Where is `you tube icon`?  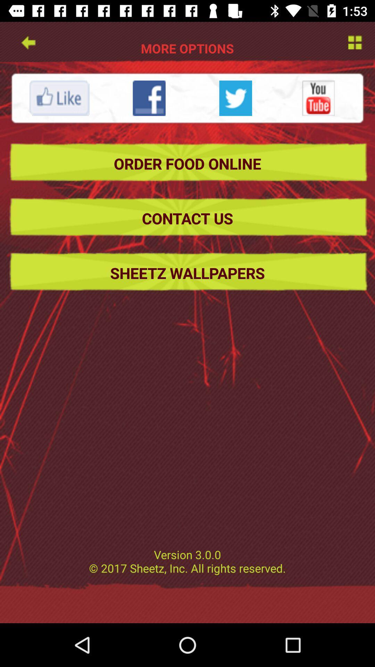 you tube icon is located at coordinates (318, 98).